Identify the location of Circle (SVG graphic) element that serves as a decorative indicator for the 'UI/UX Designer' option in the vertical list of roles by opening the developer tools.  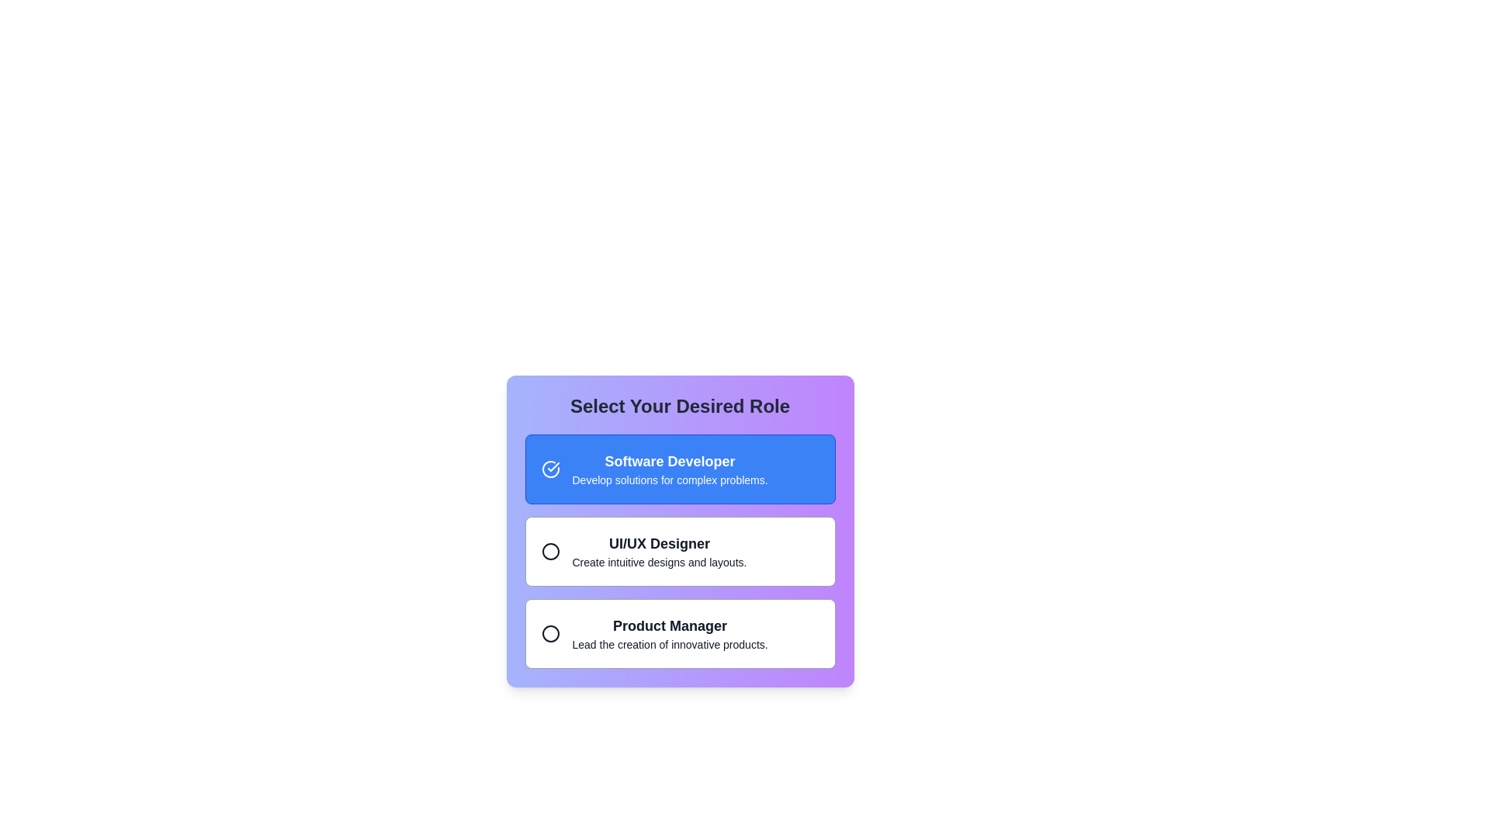
(550, 550).